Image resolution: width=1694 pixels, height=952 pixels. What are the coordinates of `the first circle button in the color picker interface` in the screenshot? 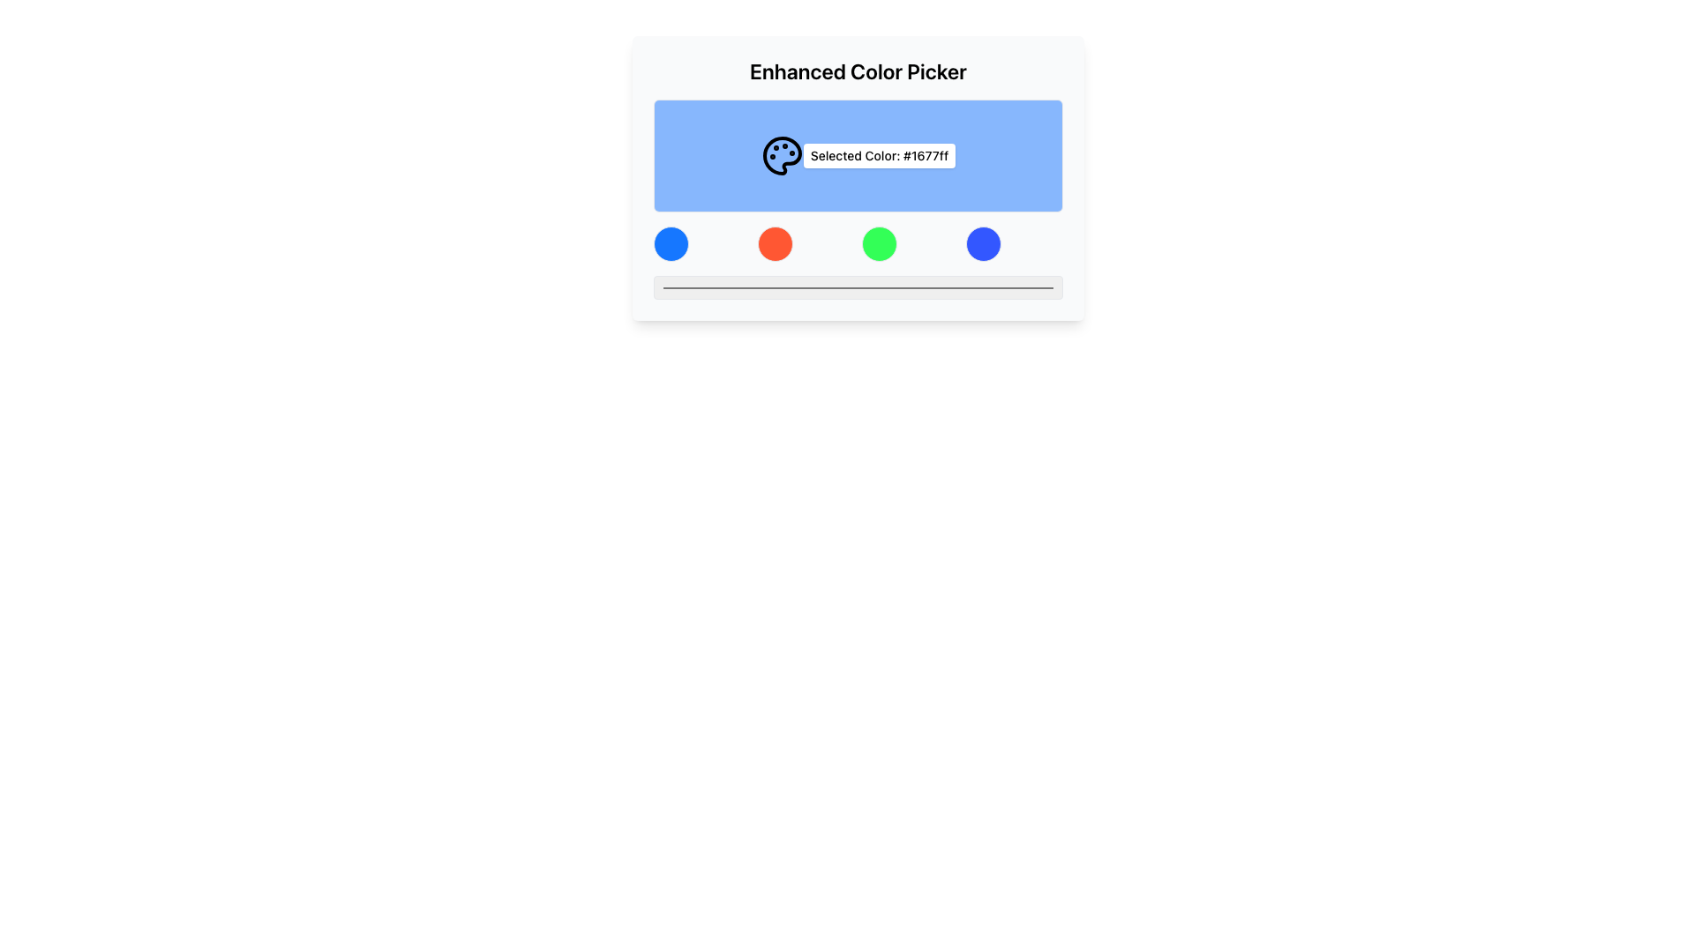 It's located at (671, 244).